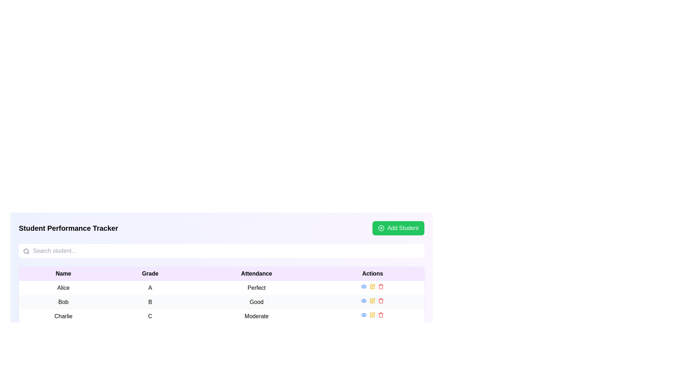 The image size is (683, 384). Describe the element at coordinates (150, 302) in the screenshot. I see `the bold uppercase letter 'B' in the 'Grade' column of the table, which corresponds to the row labeled 'Bob'` at that location.